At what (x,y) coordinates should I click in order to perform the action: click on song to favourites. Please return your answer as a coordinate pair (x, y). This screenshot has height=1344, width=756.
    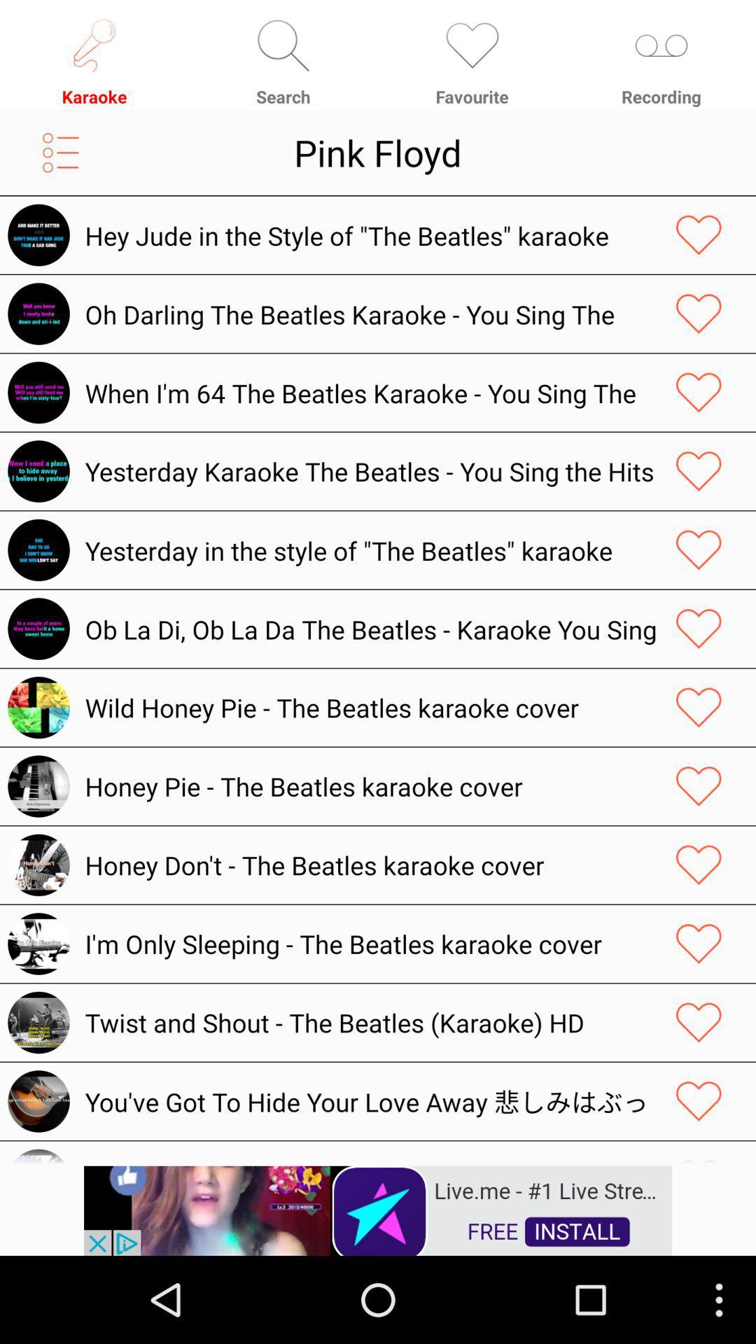
    Looking at the image, I should click on (699, 549).